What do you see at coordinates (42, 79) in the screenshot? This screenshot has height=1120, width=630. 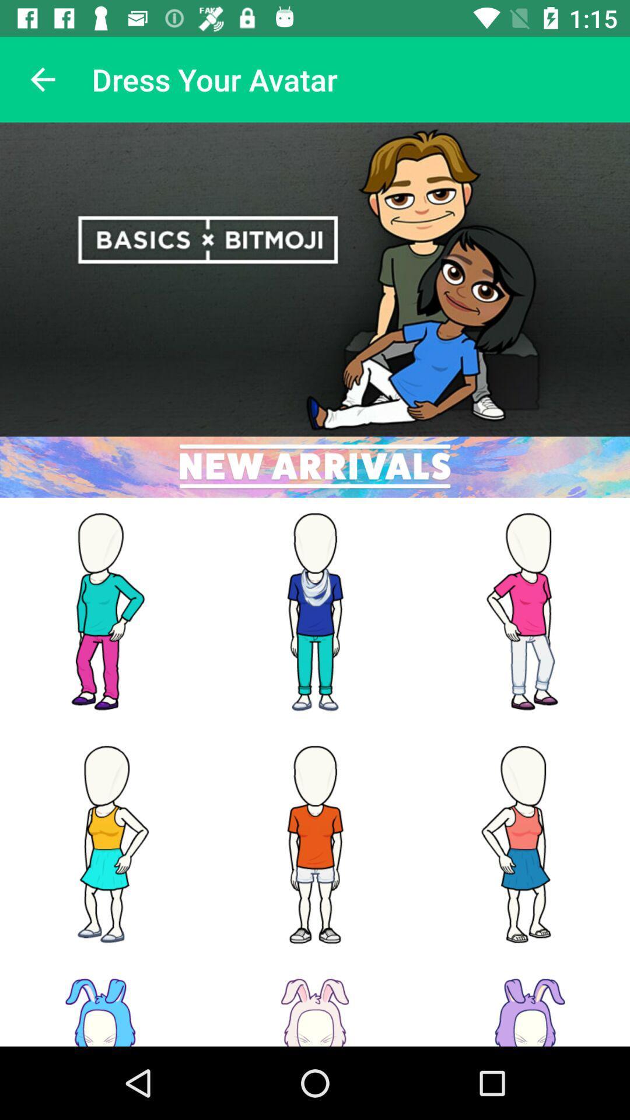 I see `the item at the top left corner` at bounding box center [42, 79].